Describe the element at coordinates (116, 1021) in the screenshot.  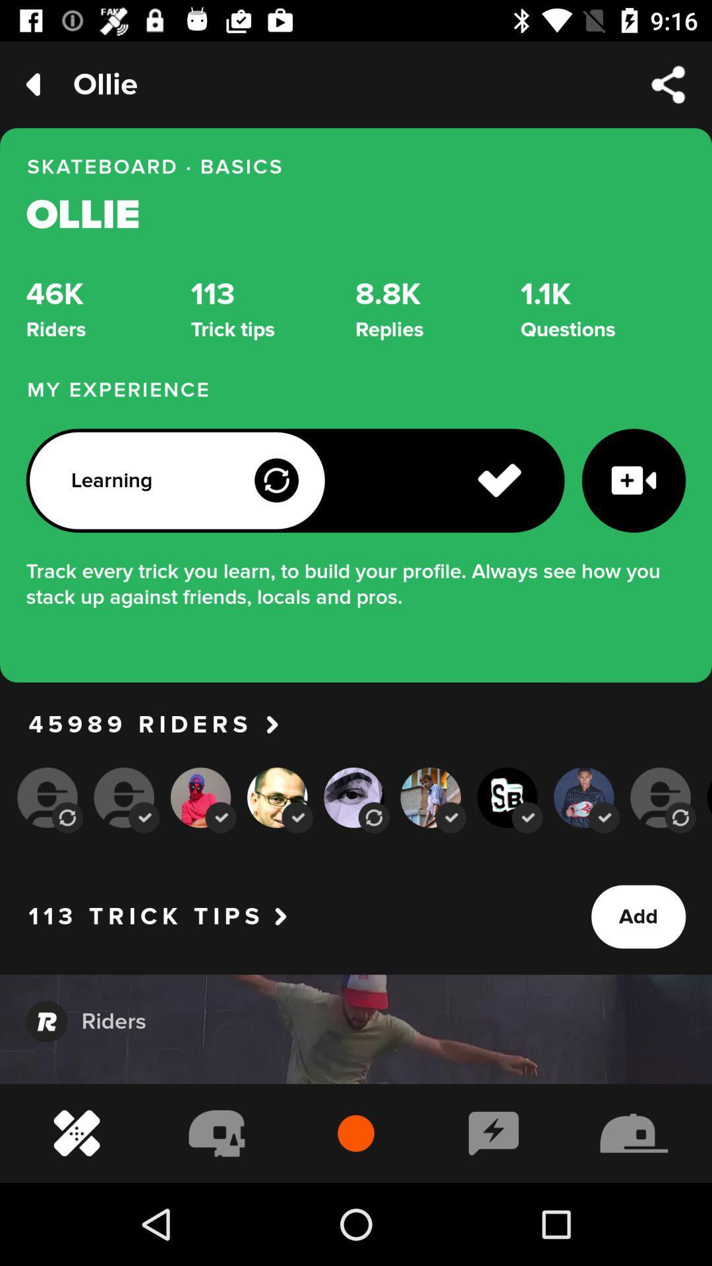
I see `the option rider below trick tips` at that location.